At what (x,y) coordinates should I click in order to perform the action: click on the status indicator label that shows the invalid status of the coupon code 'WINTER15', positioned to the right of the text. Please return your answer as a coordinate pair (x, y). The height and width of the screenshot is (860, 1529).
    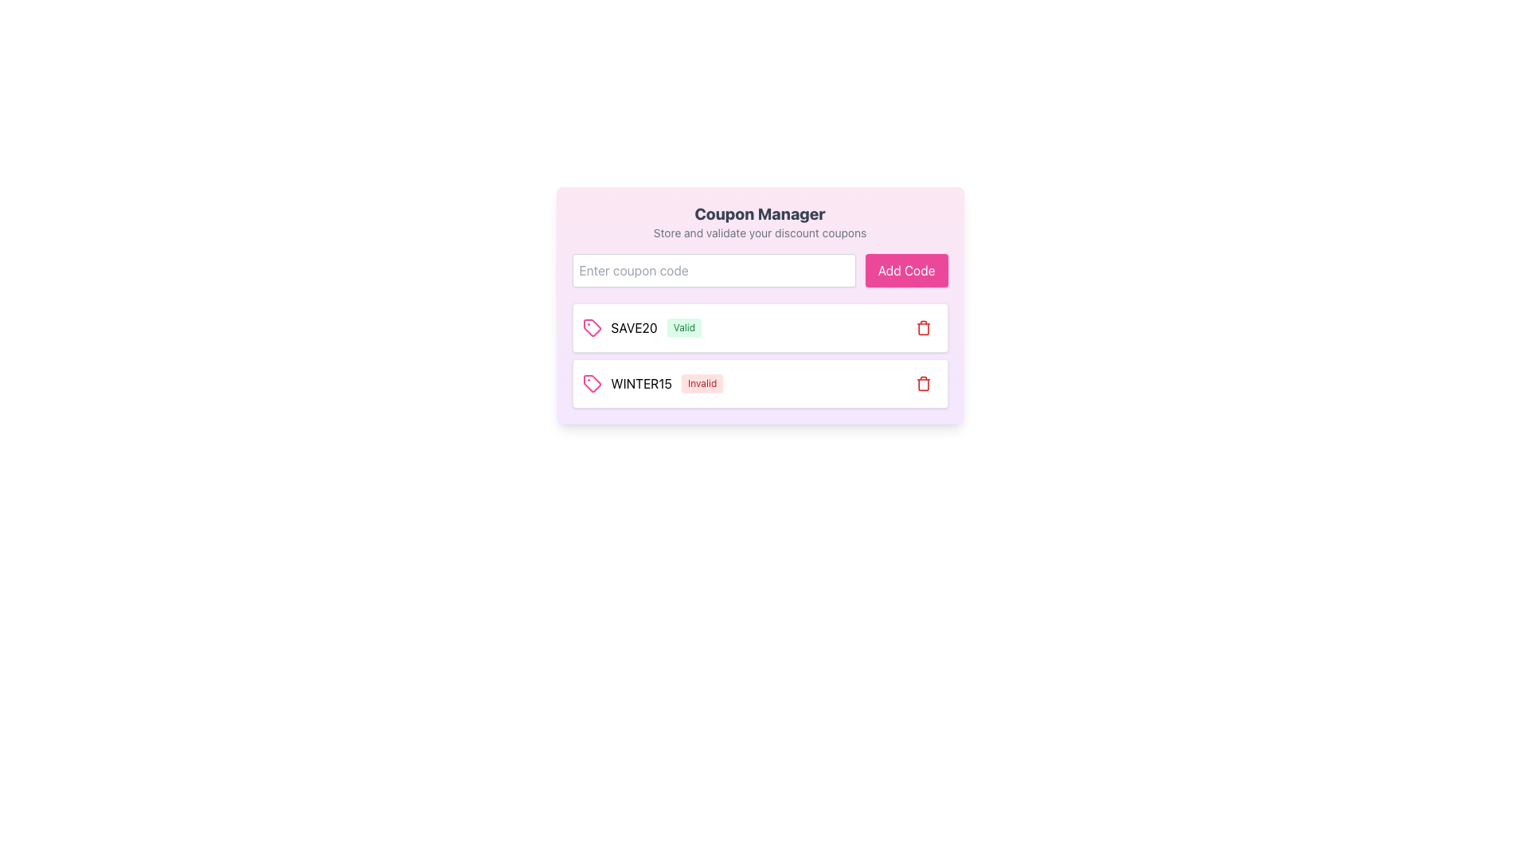
    Looking at the image, I should click on (702, 384).